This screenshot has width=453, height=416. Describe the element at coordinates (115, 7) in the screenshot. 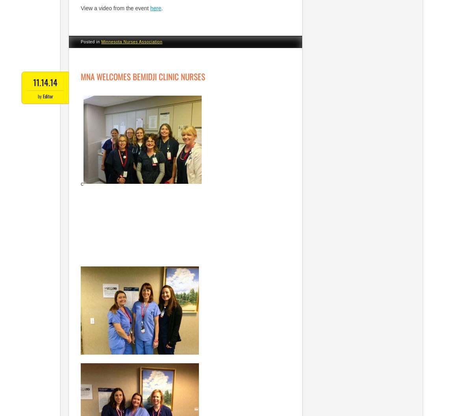

I see `'View a video from the event'` at that location.